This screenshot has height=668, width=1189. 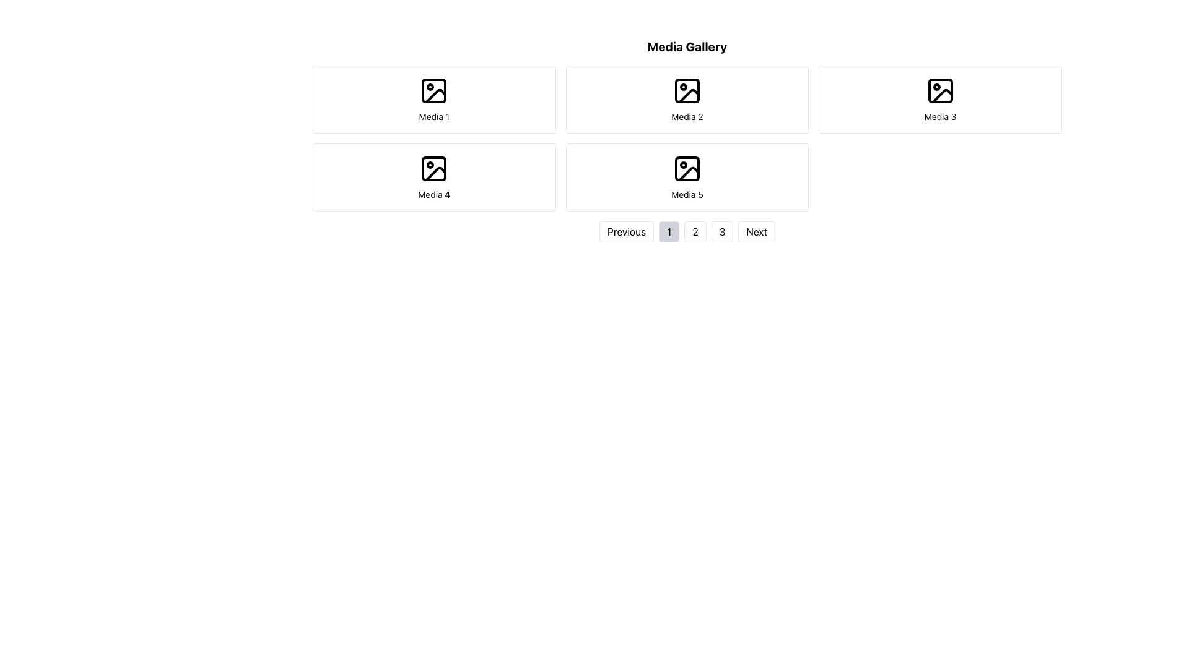 What do you see at coordinates (434, 90) in the screenshot?
I see `the graphical icon located at the center of the 'Media 1' card in the top-left corner of the media grid` at bounding box center [434, 90].